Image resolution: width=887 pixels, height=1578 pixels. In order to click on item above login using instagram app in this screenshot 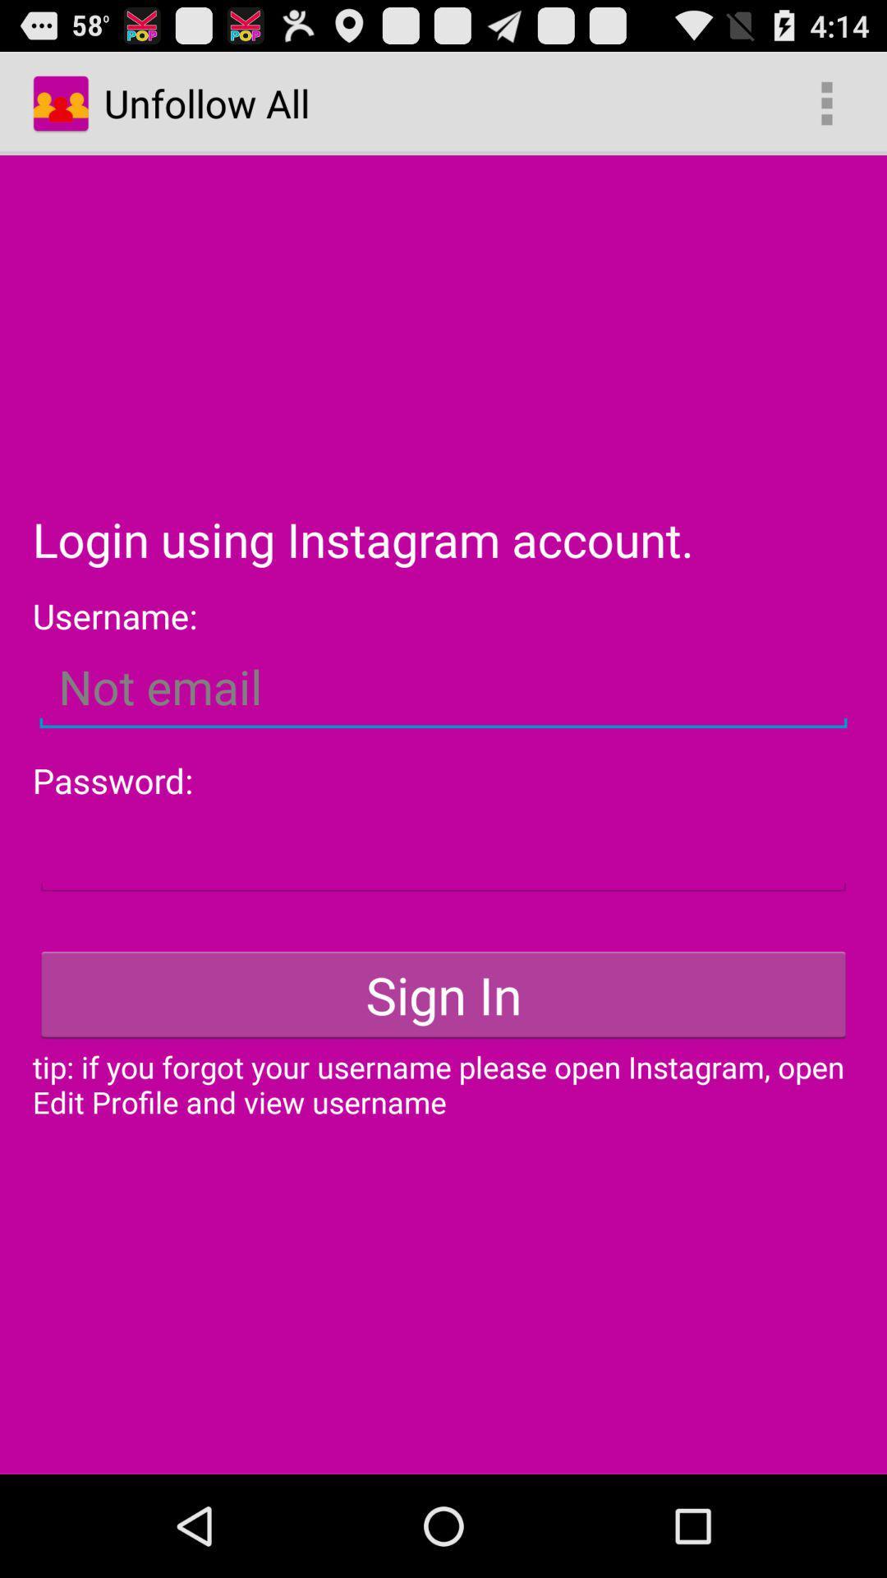, I will do `click(826, 102)`.